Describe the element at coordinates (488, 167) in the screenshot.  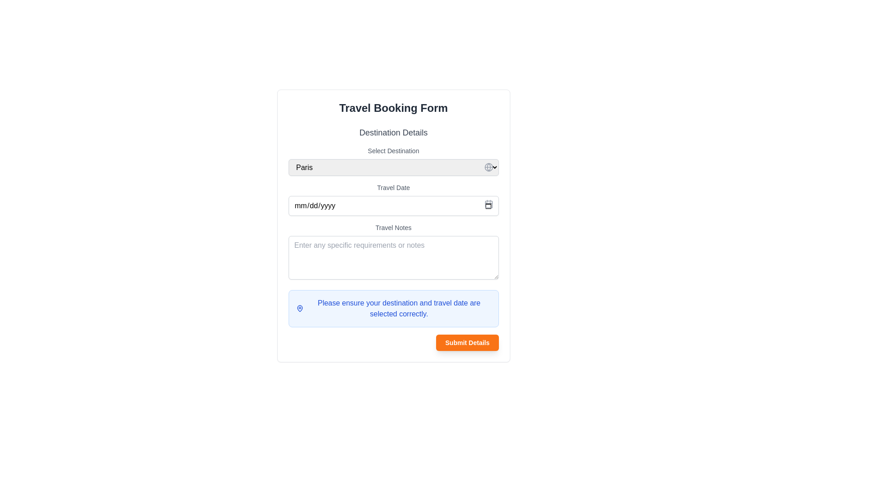
I see `the globe icon located near the top-right corner of the 'Select Destination' dropdown field for a context-specific action` at that location.